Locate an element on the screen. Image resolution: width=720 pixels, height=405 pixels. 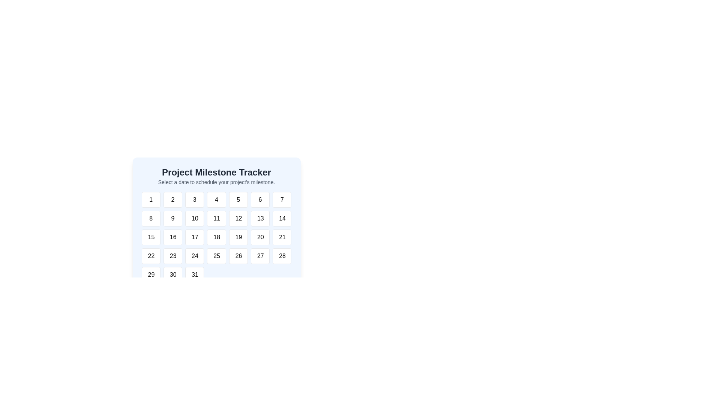
the button representing the number '6' in the grid layout of the 'Project Milestone Tracker' section is located at coordinates (260, 199).